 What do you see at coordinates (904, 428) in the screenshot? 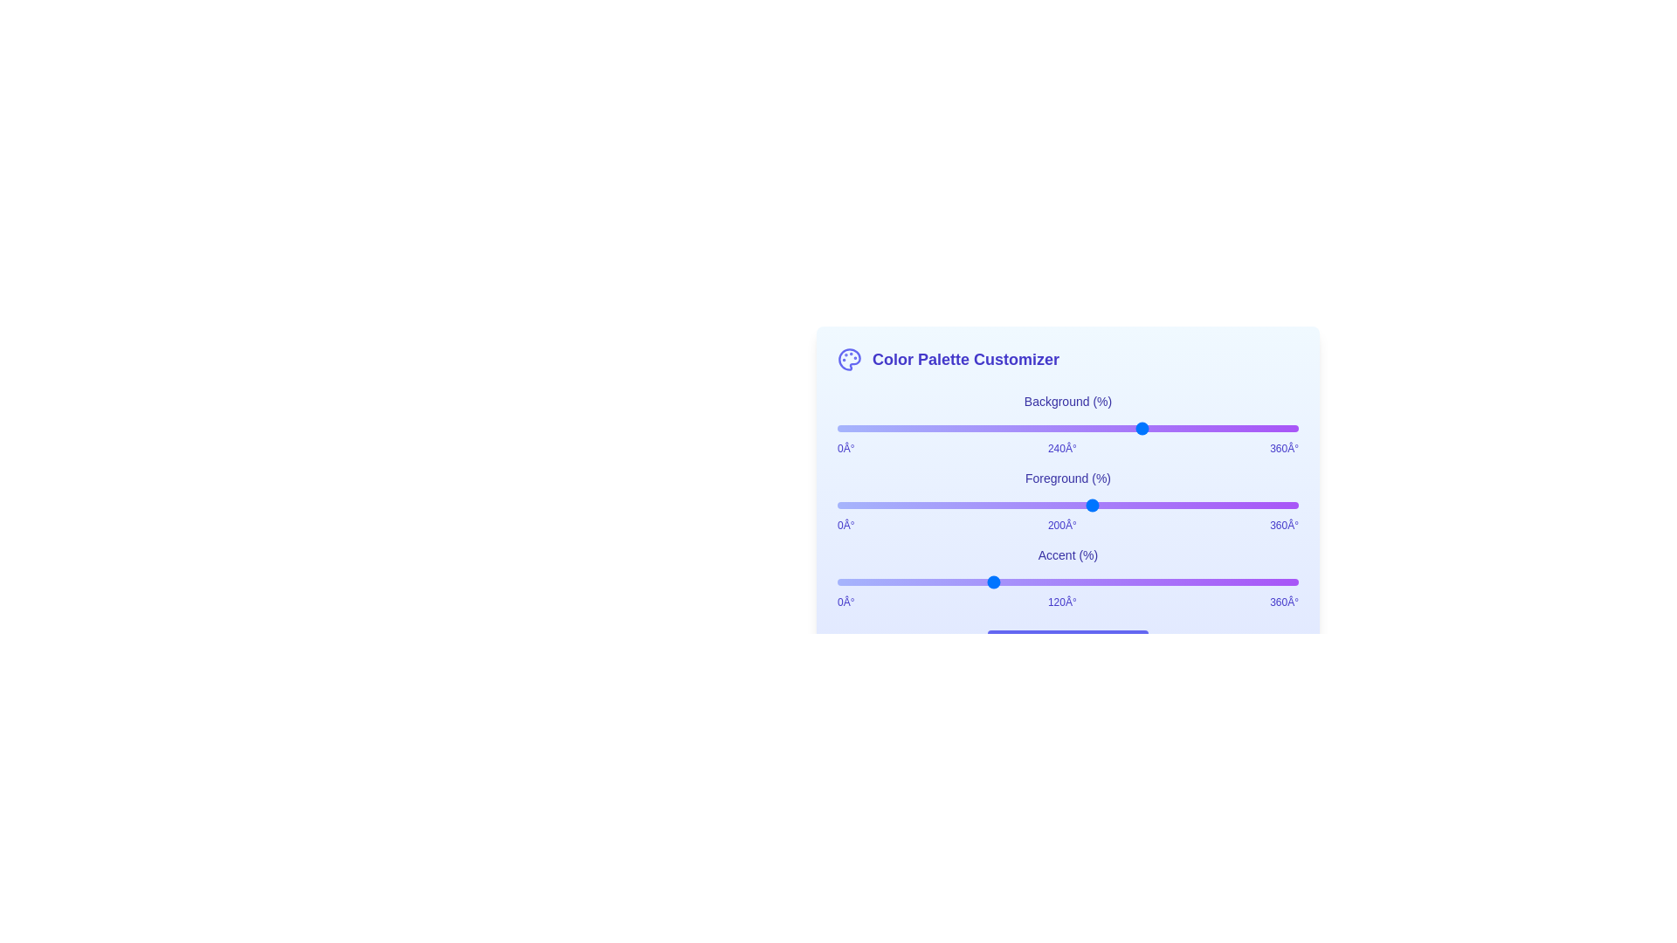
I see `the background color slider to set the hue to 52 degrees` at bounding box center [904, 428].